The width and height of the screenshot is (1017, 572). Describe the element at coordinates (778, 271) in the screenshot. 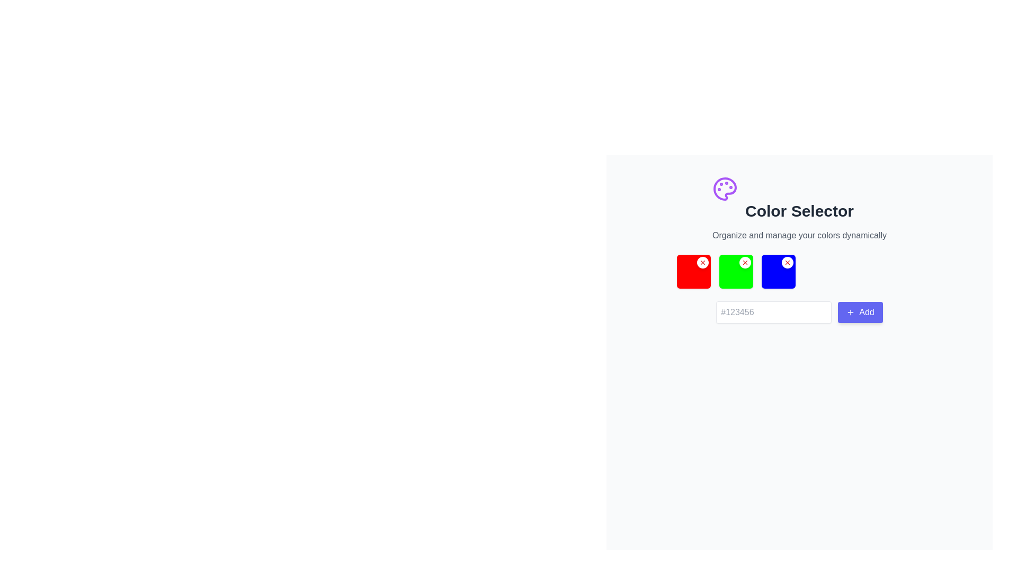

I see `the blue color selection box in the color management interface` at that location.